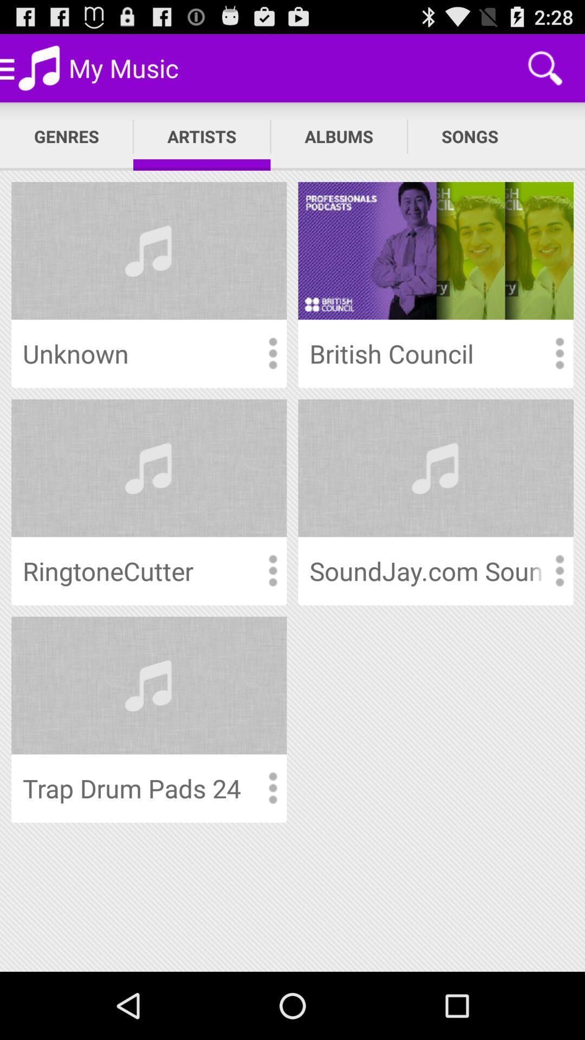 The image size is (585, 1040). Describe the element at coordinates (272, 570) in the screenshot. I see `more information` at that location.